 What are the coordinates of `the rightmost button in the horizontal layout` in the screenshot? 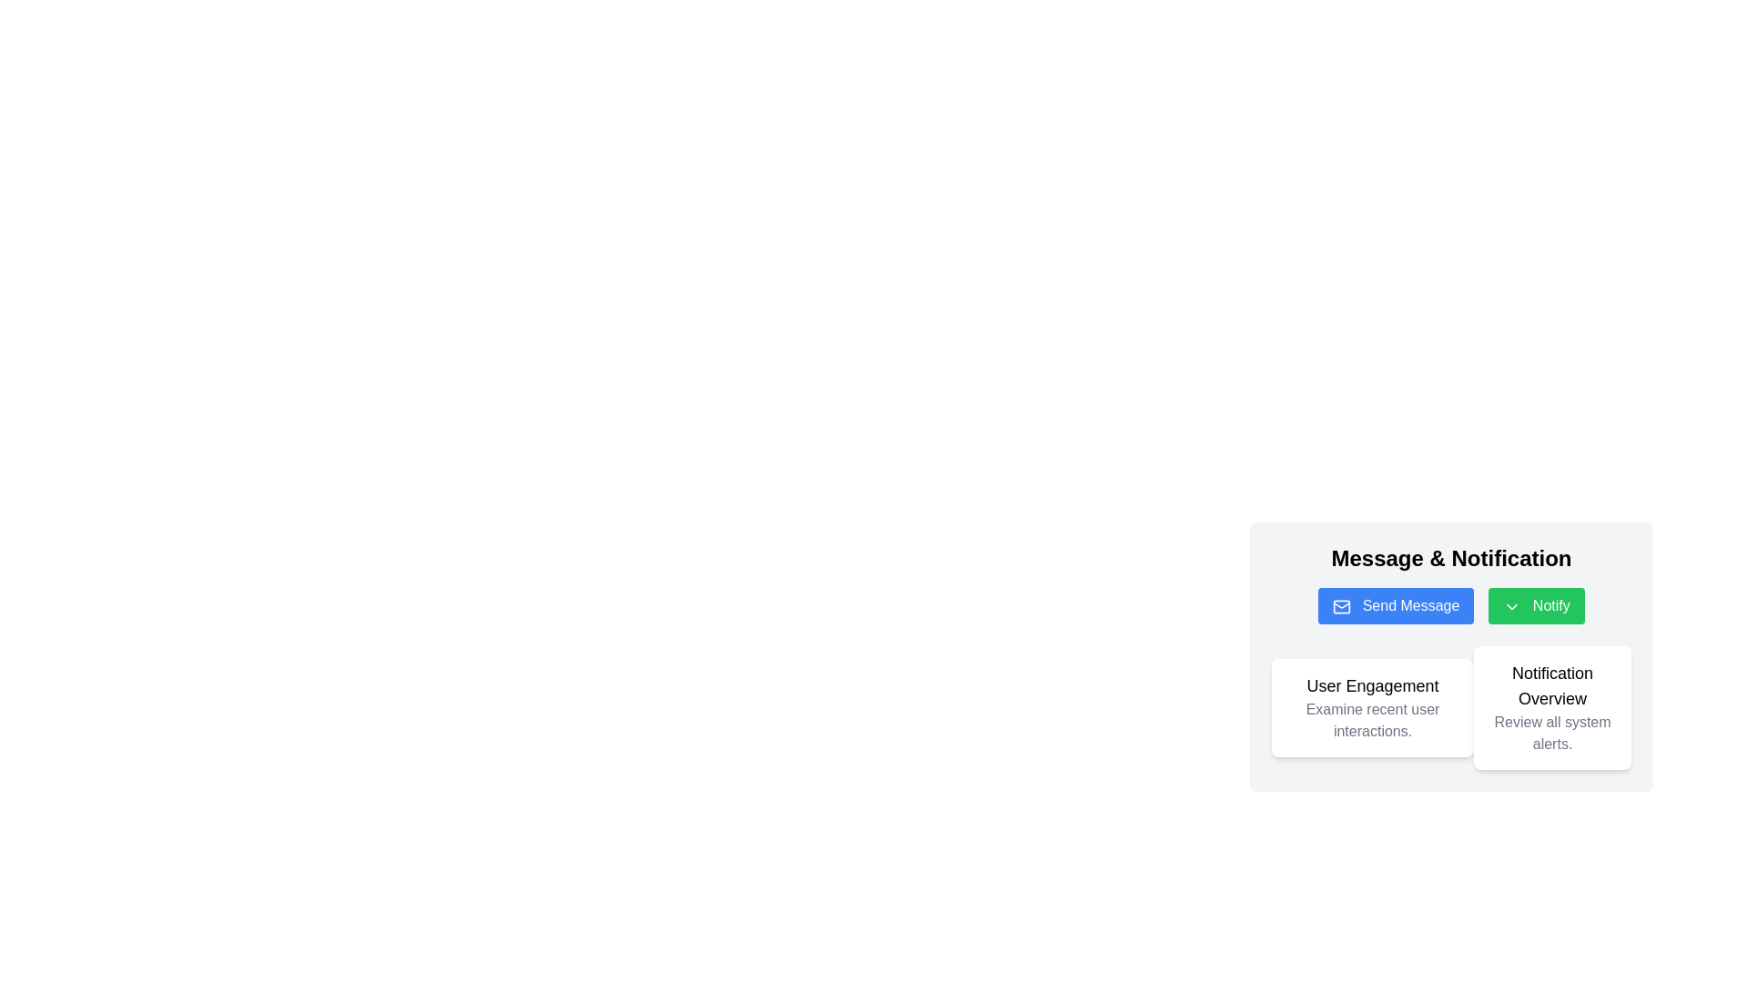 It's located at (1536, 606).